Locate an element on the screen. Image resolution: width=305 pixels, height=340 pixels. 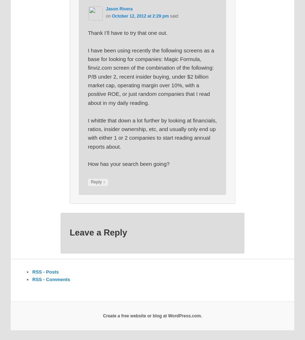
'Leave a Reply' is located at coordinates (98, 232).